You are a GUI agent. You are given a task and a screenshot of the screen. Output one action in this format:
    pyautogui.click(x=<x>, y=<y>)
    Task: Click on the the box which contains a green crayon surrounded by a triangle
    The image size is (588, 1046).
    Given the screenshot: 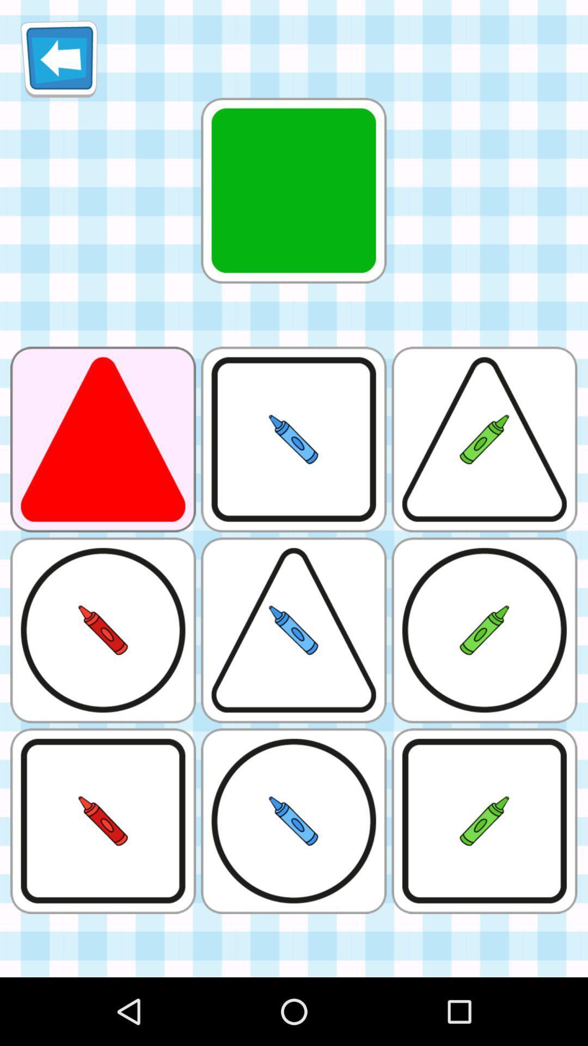 What is the action you would take?
    pyautogui.click(x=484, y=439)
    